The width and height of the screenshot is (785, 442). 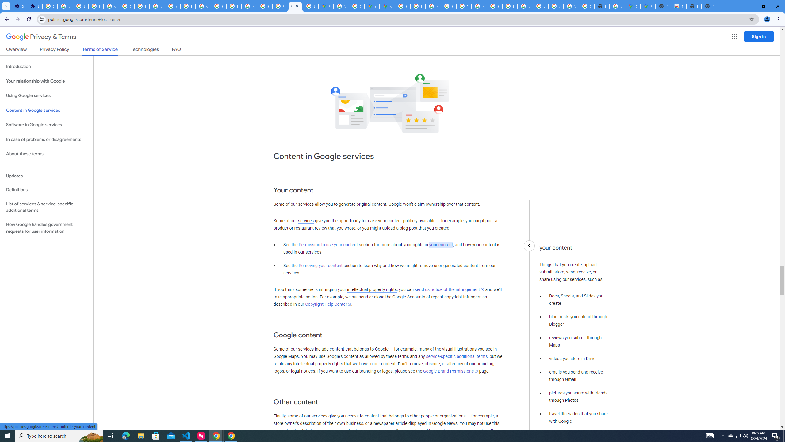 What do you see at coordinates (46, 81) in the screenshot?
I see `'Your relationship with Google'` at bounding box center [46, 81].